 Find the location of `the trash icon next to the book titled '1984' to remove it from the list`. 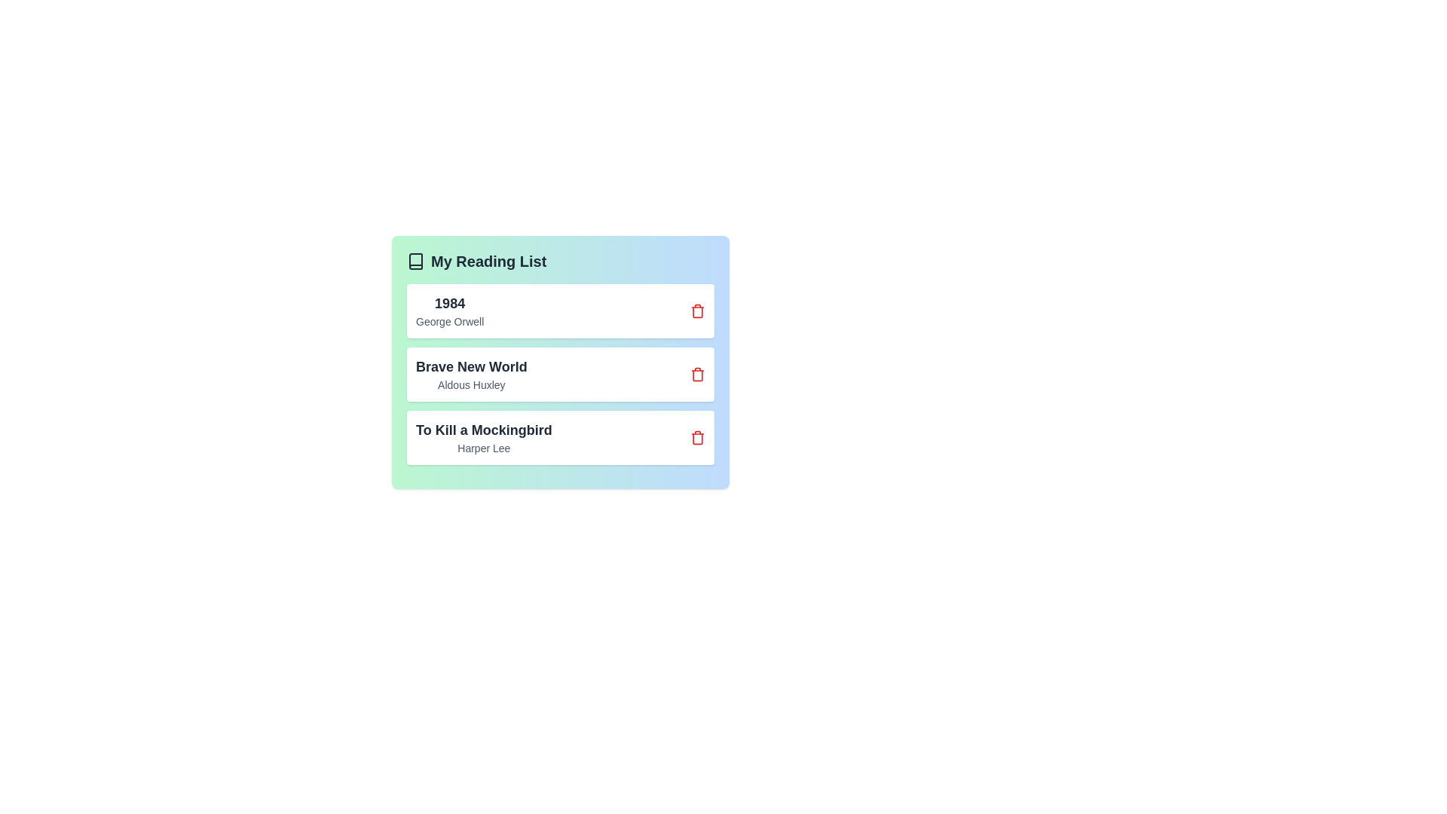

the trash icon next to the book titled '1984' to remove it from the list is located at coordinates (697, 310).